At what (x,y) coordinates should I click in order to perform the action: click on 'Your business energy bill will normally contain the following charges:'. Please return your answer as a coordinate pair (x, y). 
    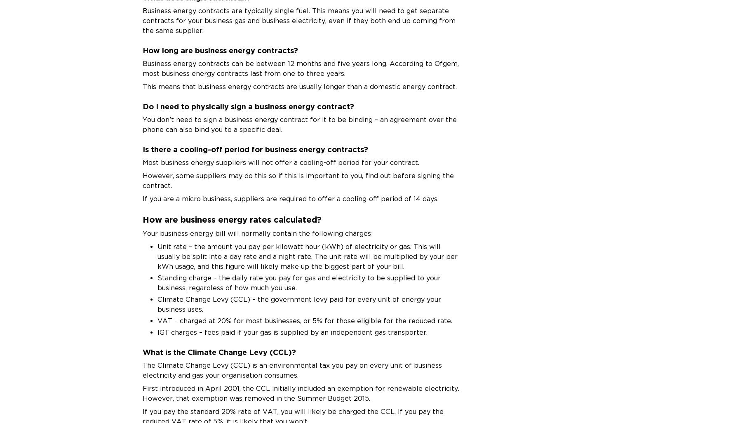
    Looking at the image, I should click on (257, 233).